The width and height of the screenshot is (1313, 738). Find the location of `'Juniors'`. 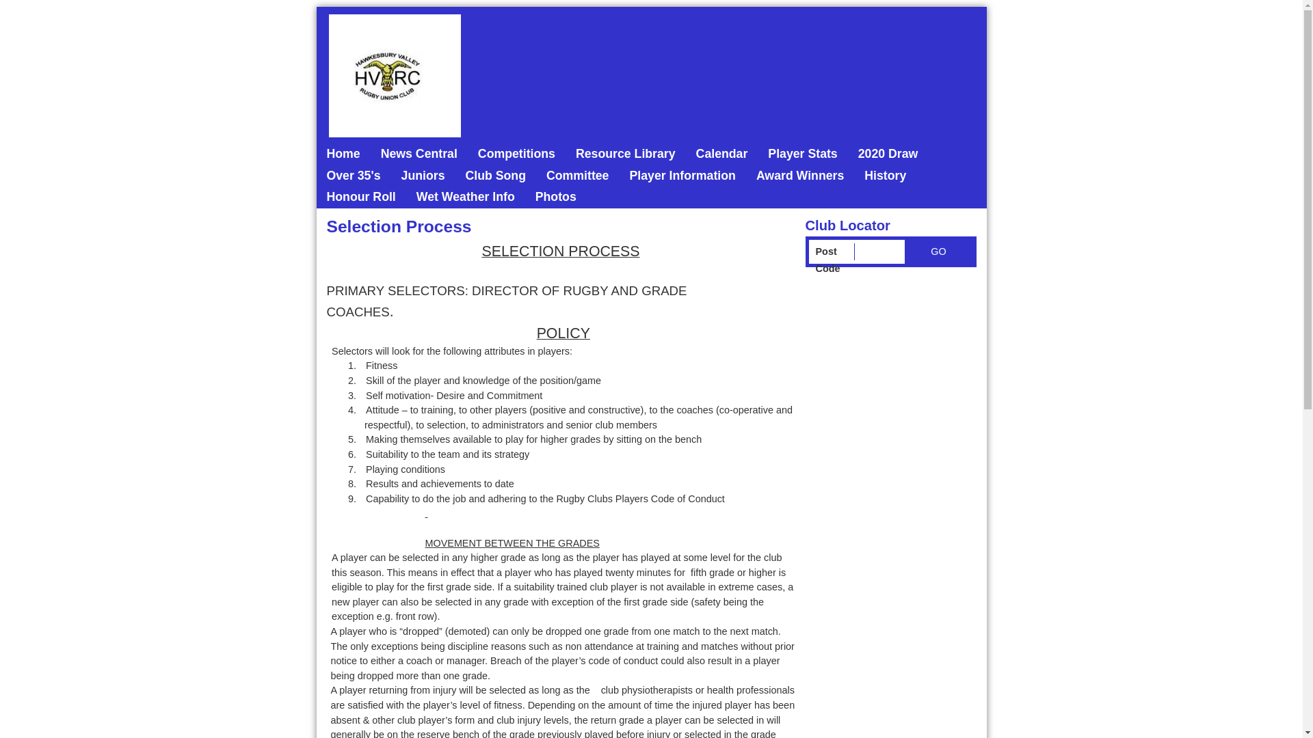

'Juniors' is located at coordinates (423, 176).